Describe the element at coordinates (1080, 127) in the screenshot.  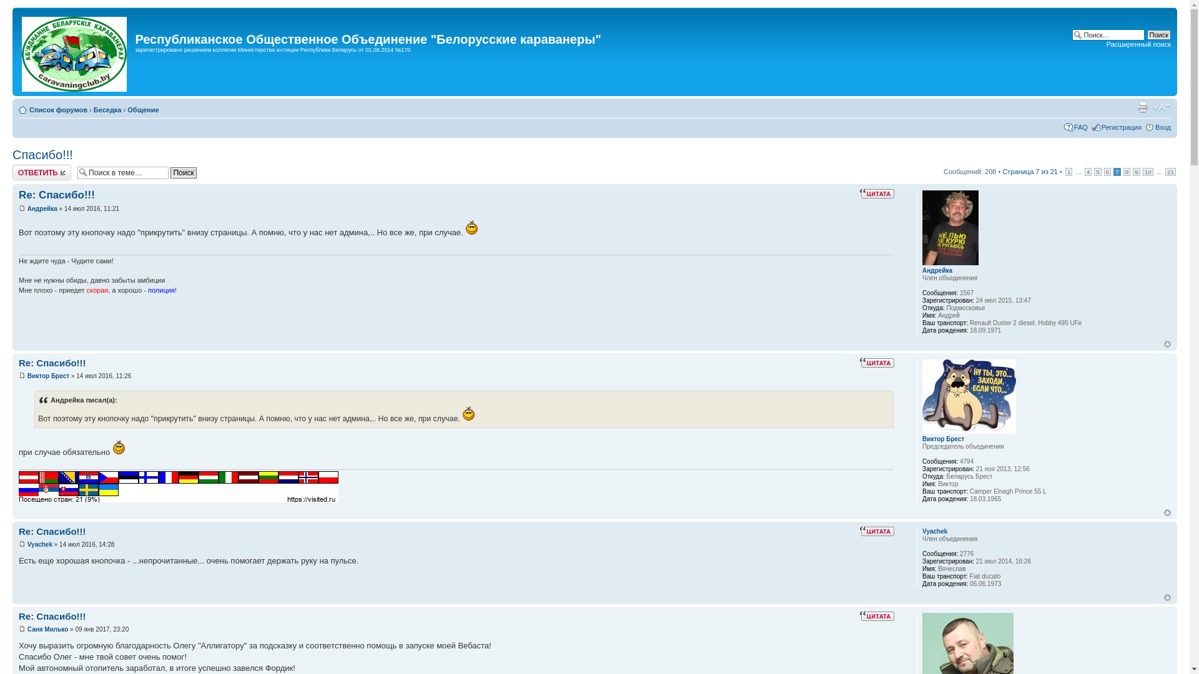
I see `'FAQ'` at that location.